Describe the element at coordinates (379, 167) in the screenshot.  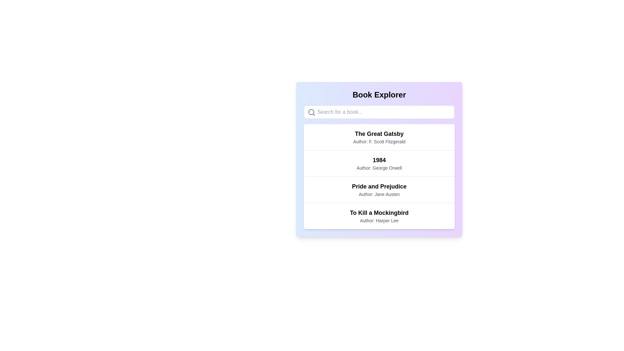
I see `author information displayed in the text area directly below the title '1984', which is centrally located under the second item in the book information list` at that location.